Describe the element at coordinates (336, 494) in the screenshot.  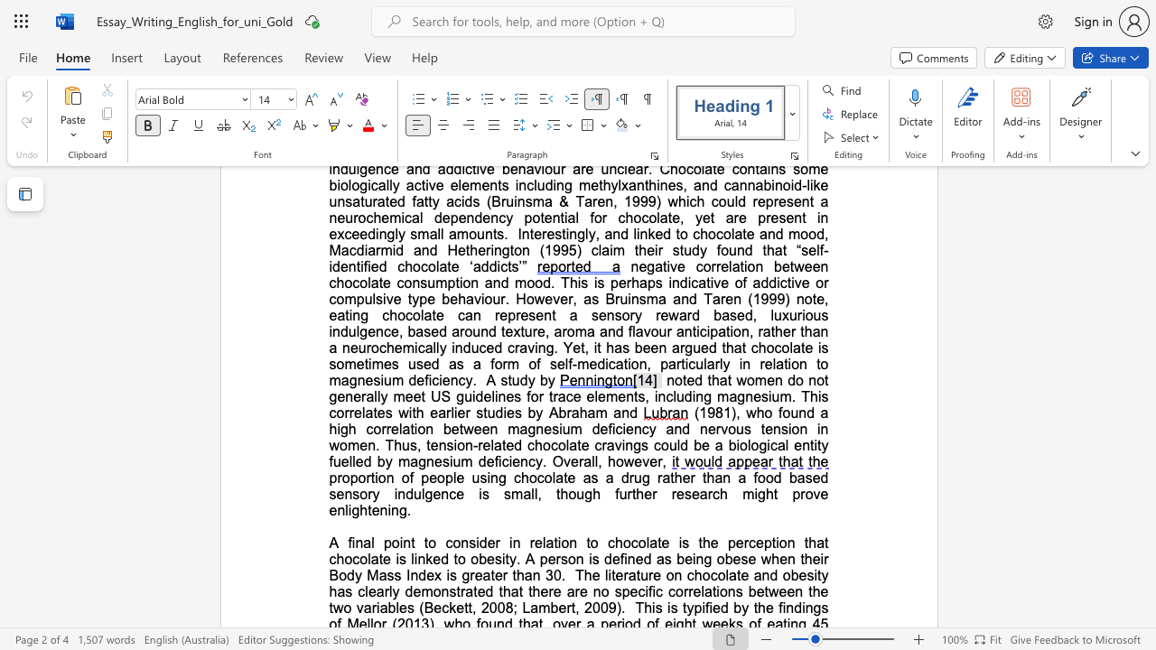
I see `the subset text "ensory indulgence" within the text "proportion of people using chocolate as a drug rather than a food based sensory indulgence is small, though further research might prove enlightening."` at that location.